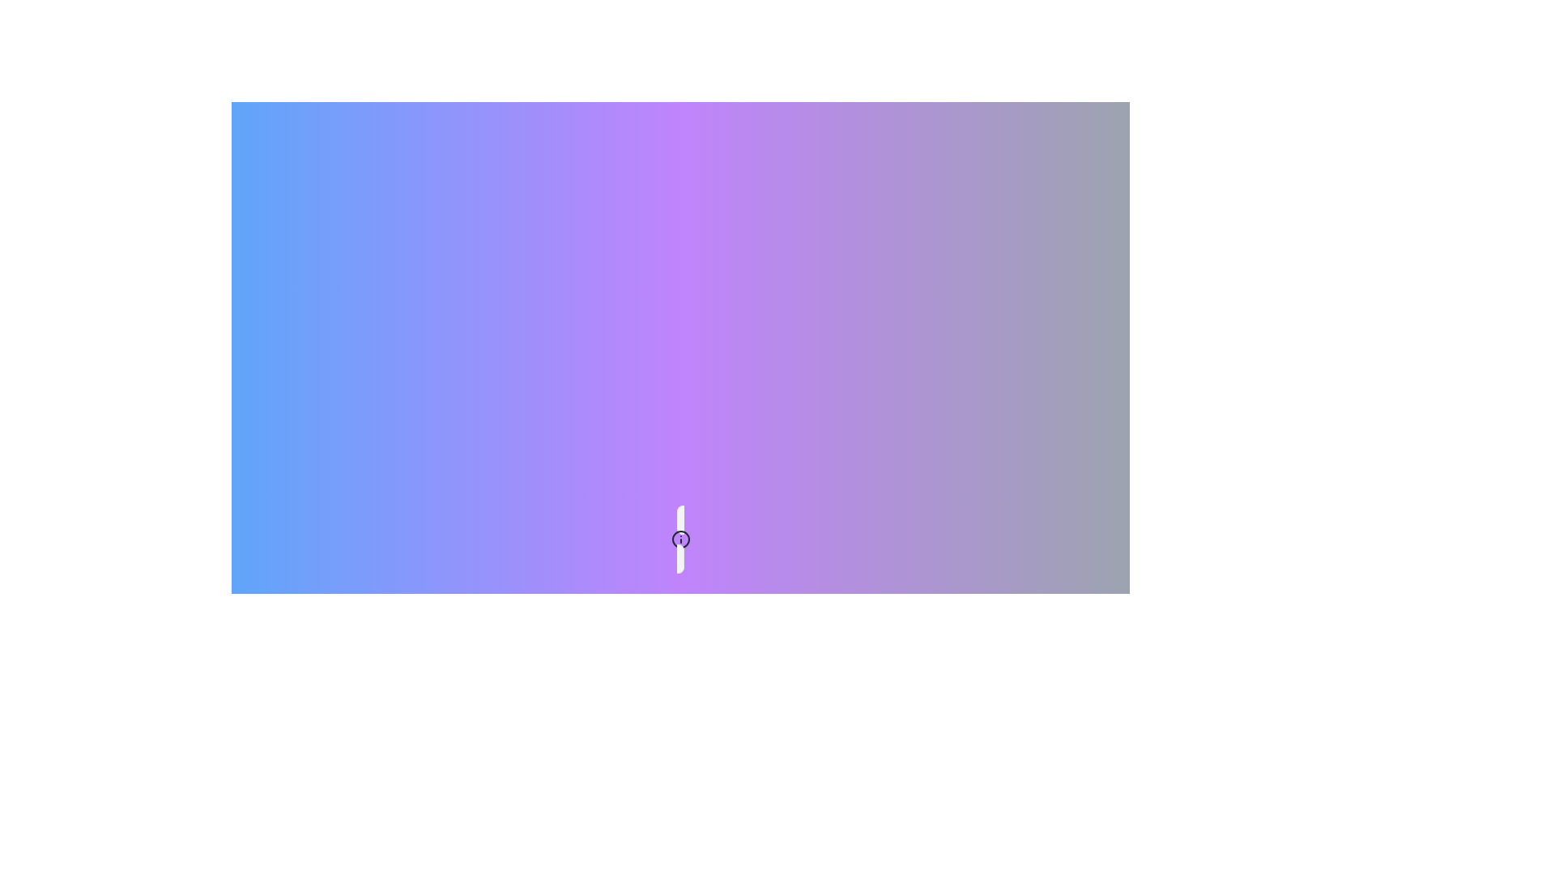 This screenshot has width=1555, height=875. I want to click on the white rectangular button with rounded edges that contains a circle with an exclamation mark inside to trigger the tooltip, so click(680, 540).